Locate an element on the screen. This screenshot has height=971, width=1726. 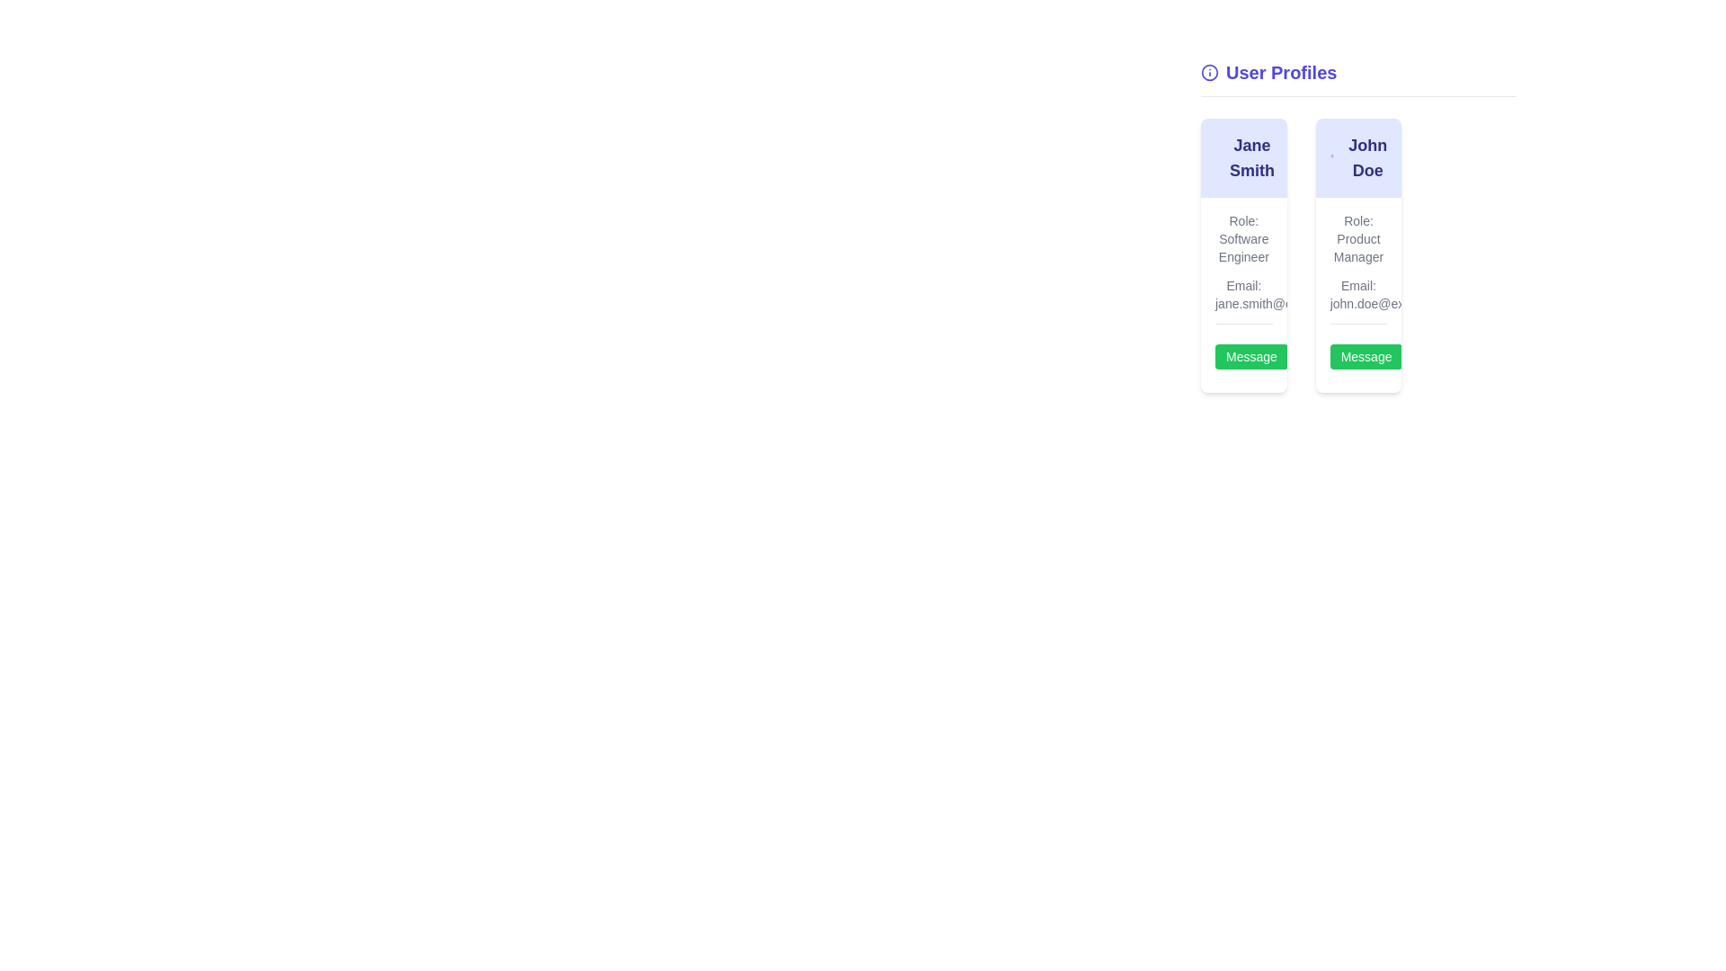
the static text label indicating the role of the individual in the profile for 'John Doe', located in the second profile card in the 'User Profiles' section is located at coordinates (1358, 220).